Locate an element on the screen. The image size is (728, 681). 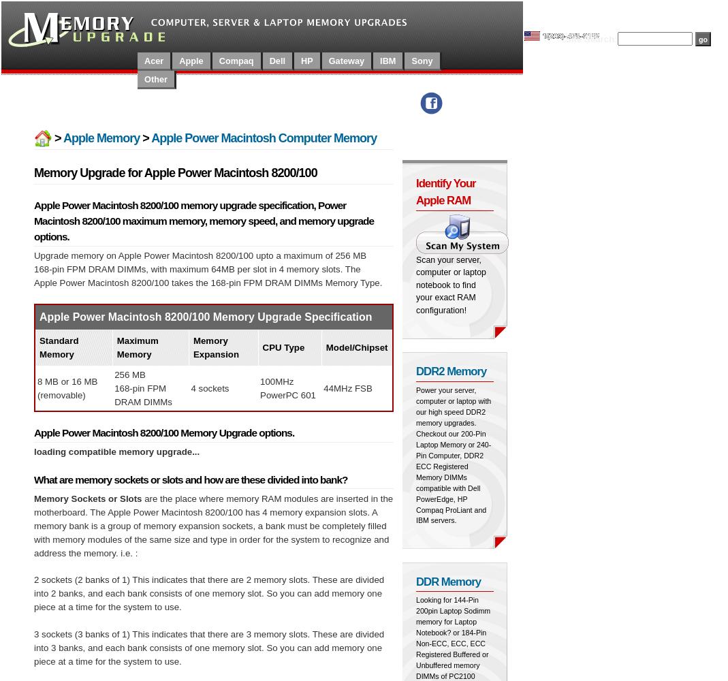
'44MHz FSB' is located at coordinates (347, 387).